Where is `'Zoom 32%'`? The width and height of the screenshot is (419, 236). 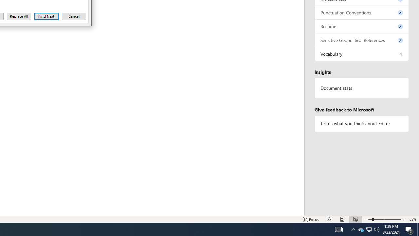 'Zoom 32%' is located at coordinates (412, 219).